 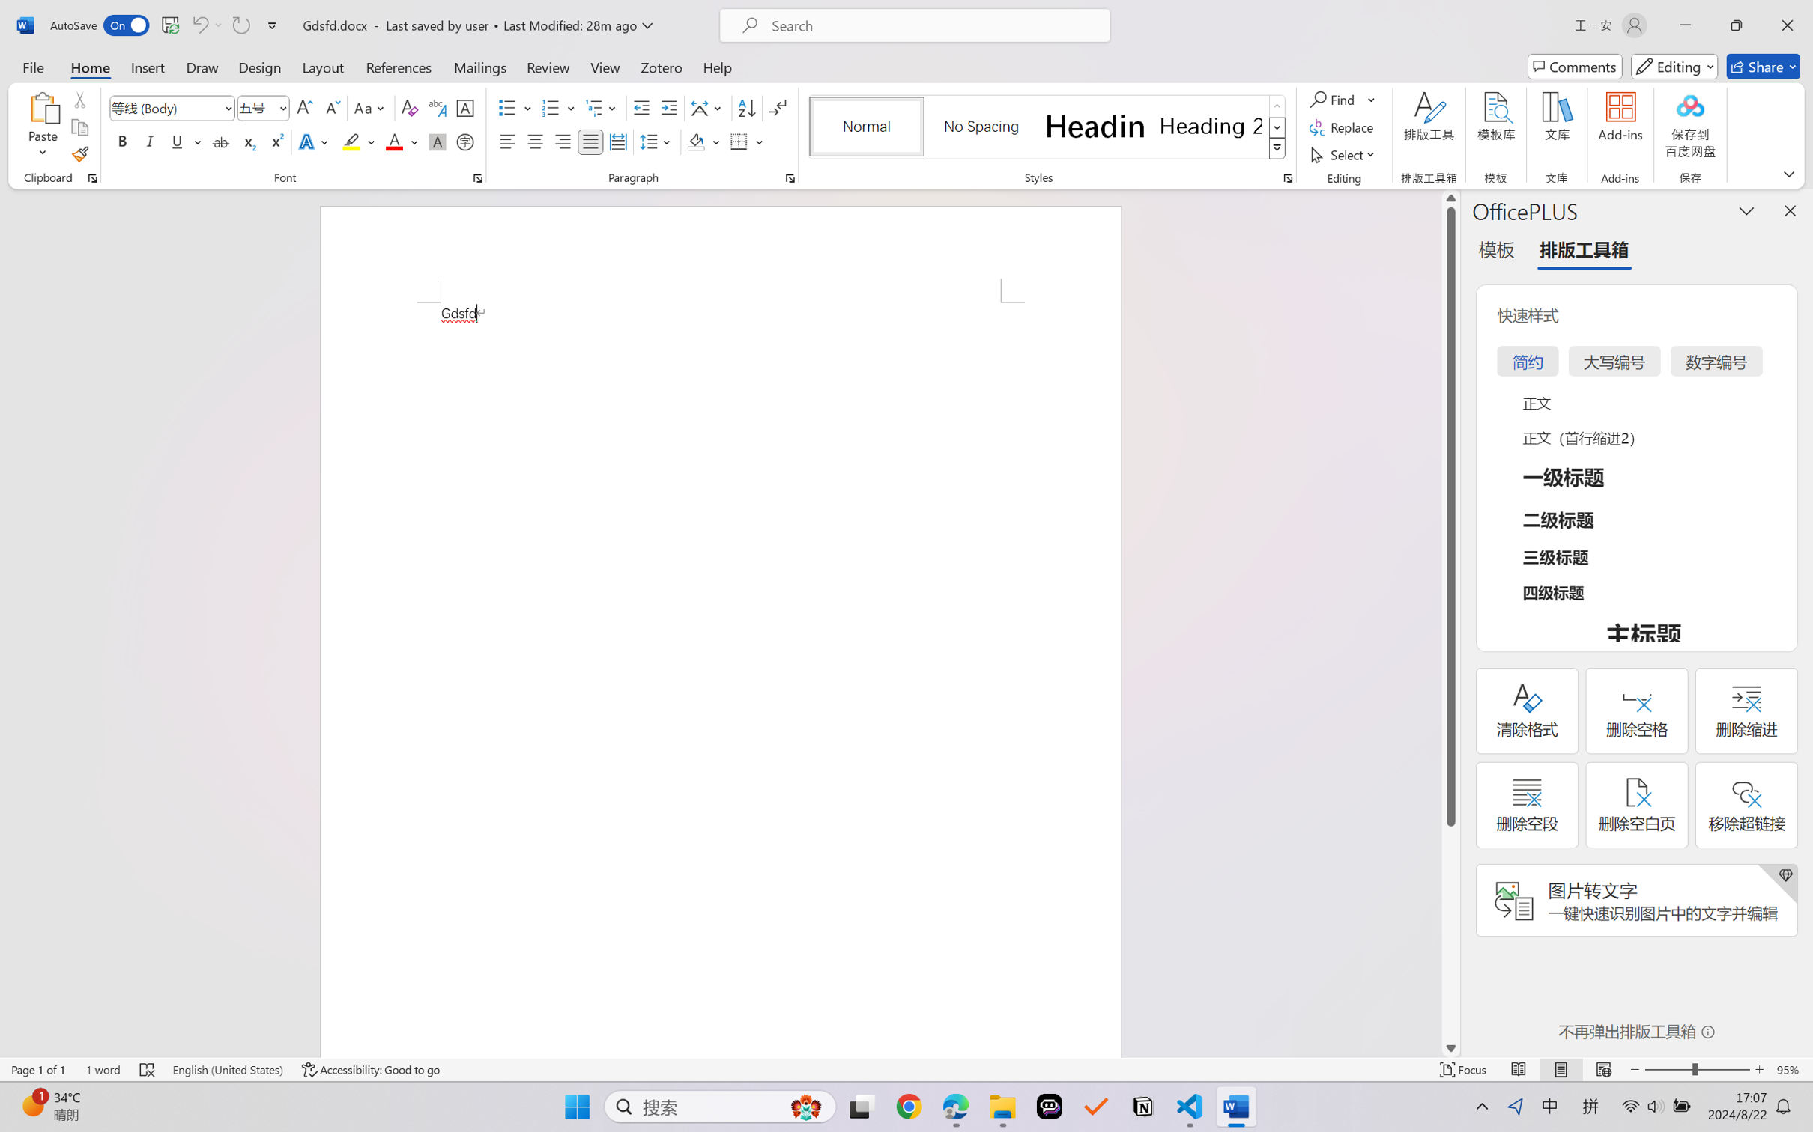 What do you see at coordinates (1450, 932) in the screenshot?
I see `'Page down'` at bounding box center [1450, 932].